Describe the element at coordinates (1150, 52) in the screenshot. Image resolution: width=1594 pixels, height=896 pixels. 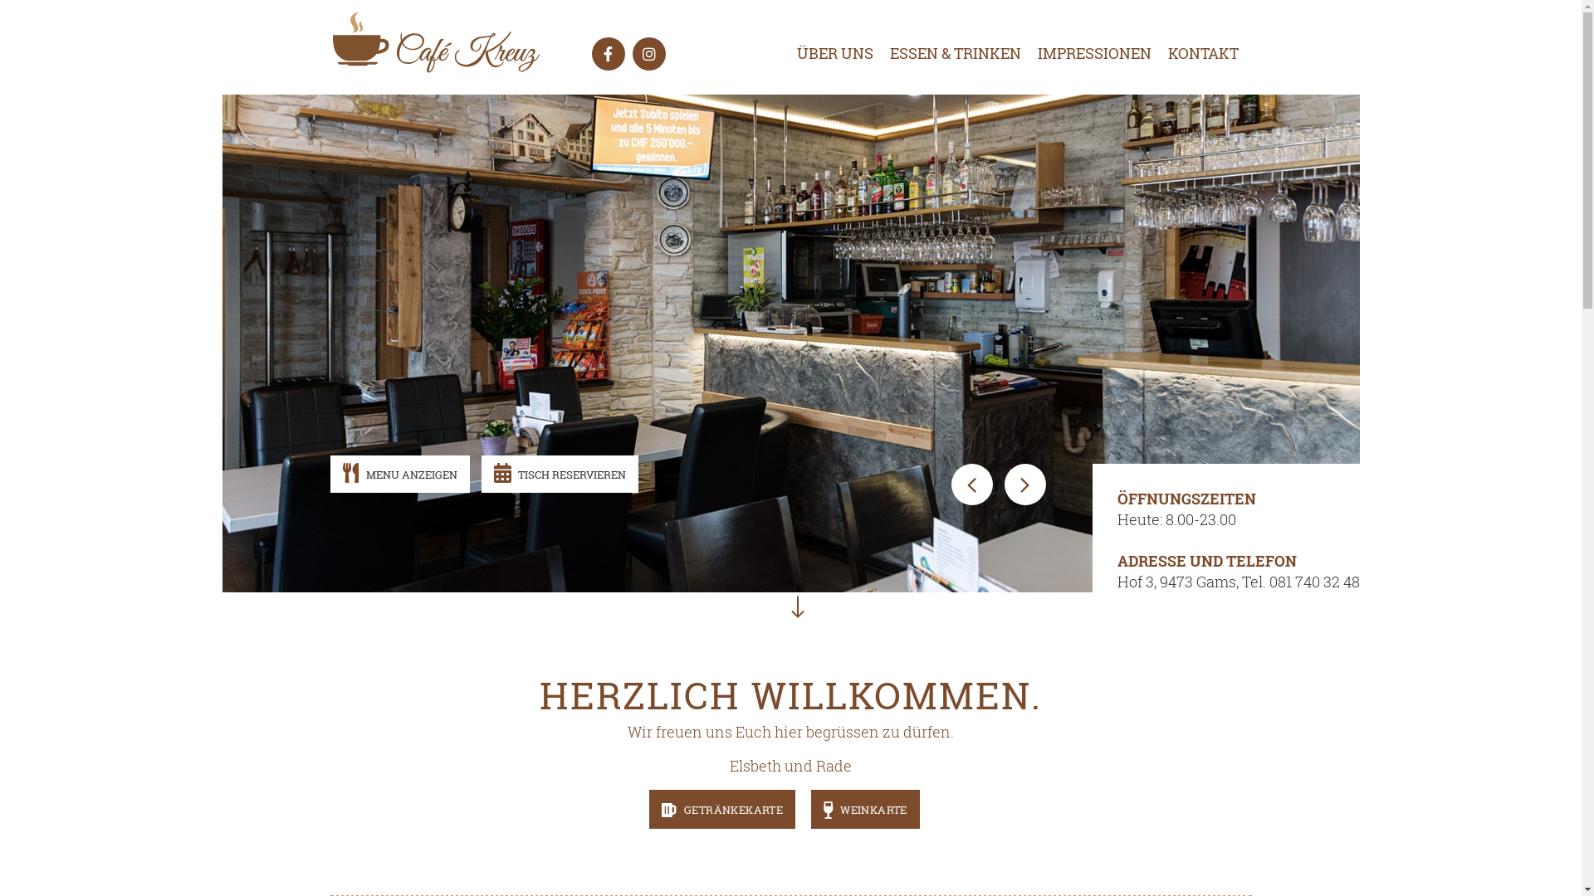
I see `'KONTAKT'` at that location.